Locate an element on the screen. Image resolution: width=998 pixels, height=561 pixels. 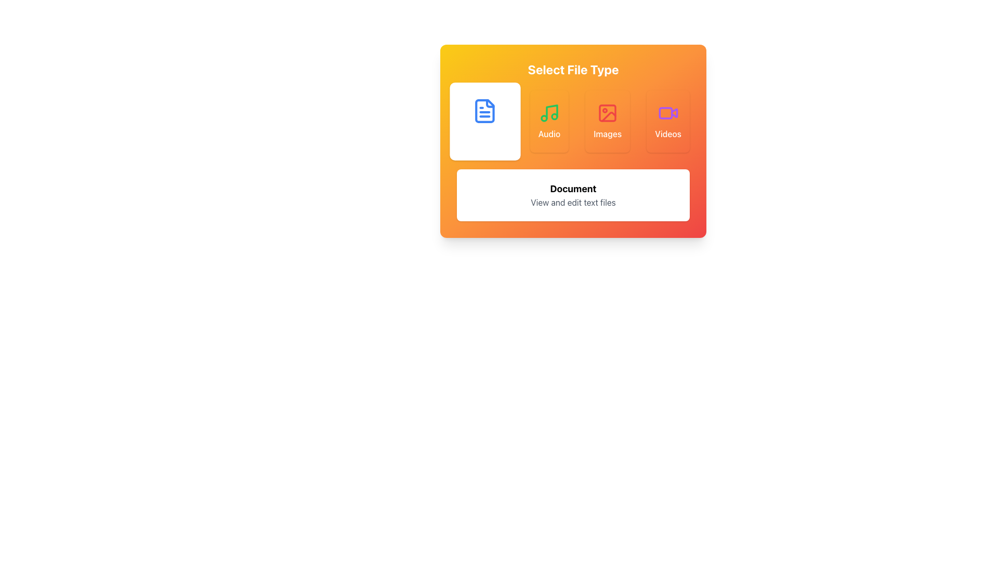
the centered text message displaying 'Select File Type' in bold white font at the upper section of a gradient background panel is located at coordinates (573, 70).